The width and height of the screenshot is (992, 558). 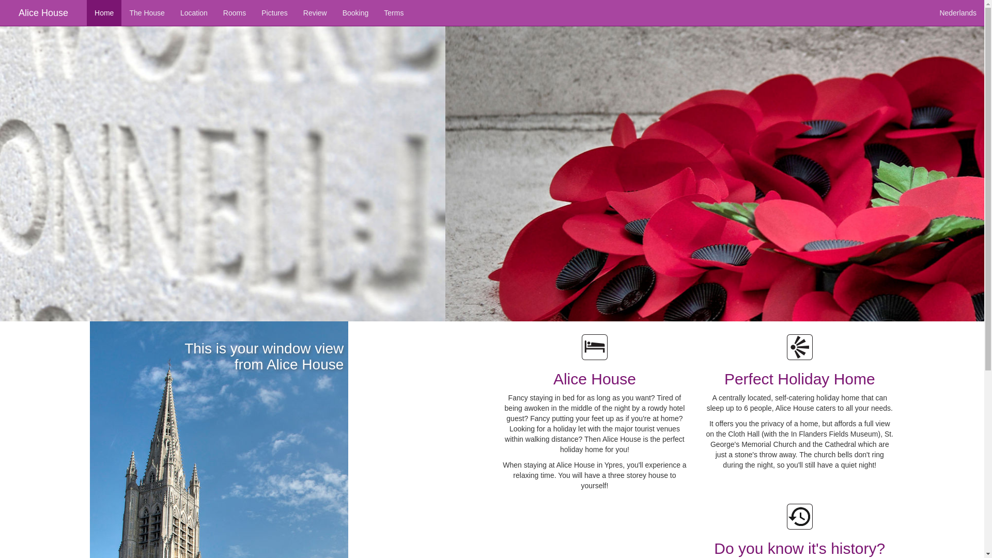 I want to click on 'Booking', so click(x=355, y=12).